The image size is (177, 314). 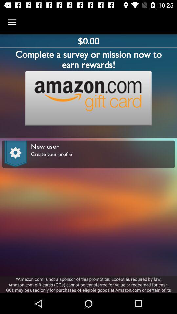 I want to click on the icon at the top left corner, so click(x=12, y=22).